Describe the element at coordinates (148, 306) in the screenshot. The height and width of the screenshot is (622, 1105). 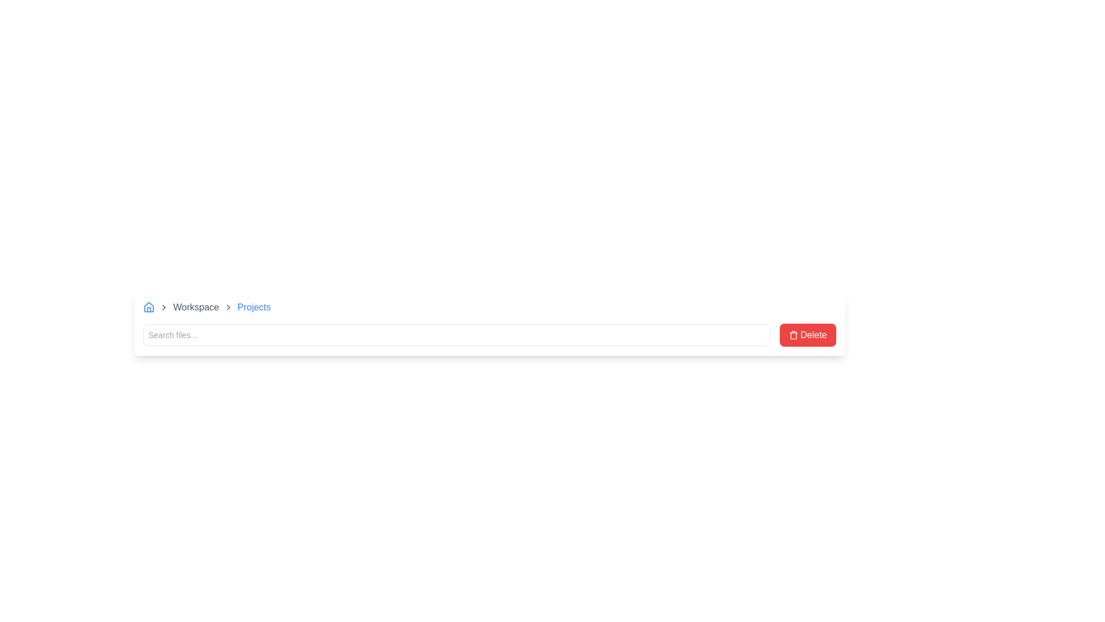
I see `the house icon with a blue outline and white background in the top-left navigation section` at that location.